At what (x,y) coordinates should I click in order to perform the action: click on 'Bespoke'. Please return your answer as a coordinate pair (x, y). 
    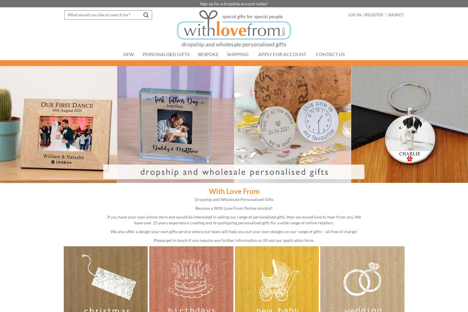
    Looking at the image, I should click on (208, 54).